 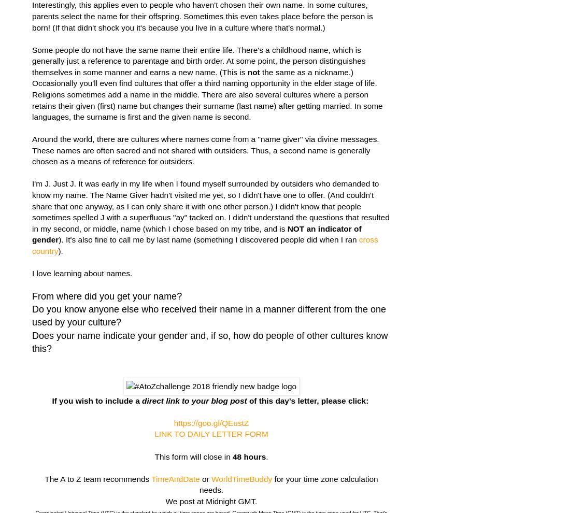 What do you see at coordinates (241, 478) in the screenshot?
I see `'WorldTimeBuddy'` at bounding box center [241, 478].